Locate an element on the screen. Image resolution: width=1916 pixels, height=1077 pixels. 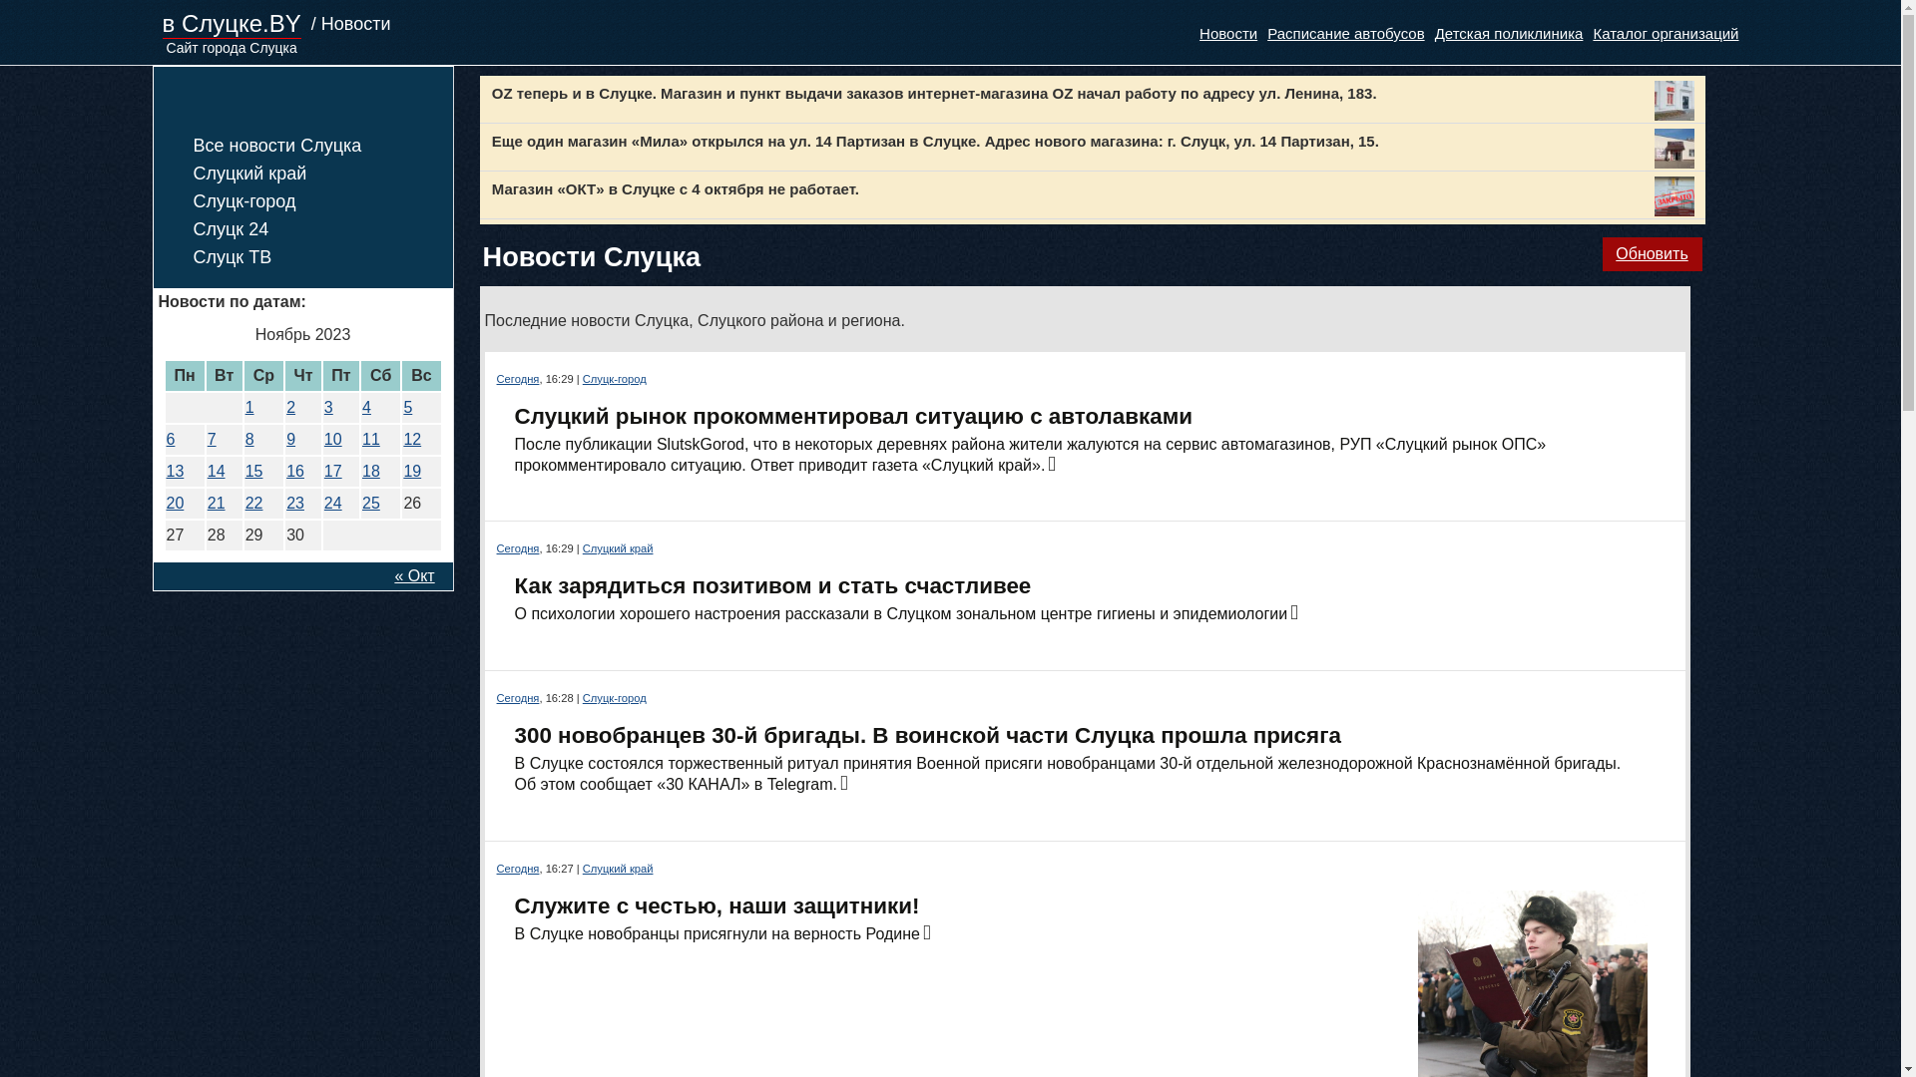
'5' is located at coordinates (406, 406).